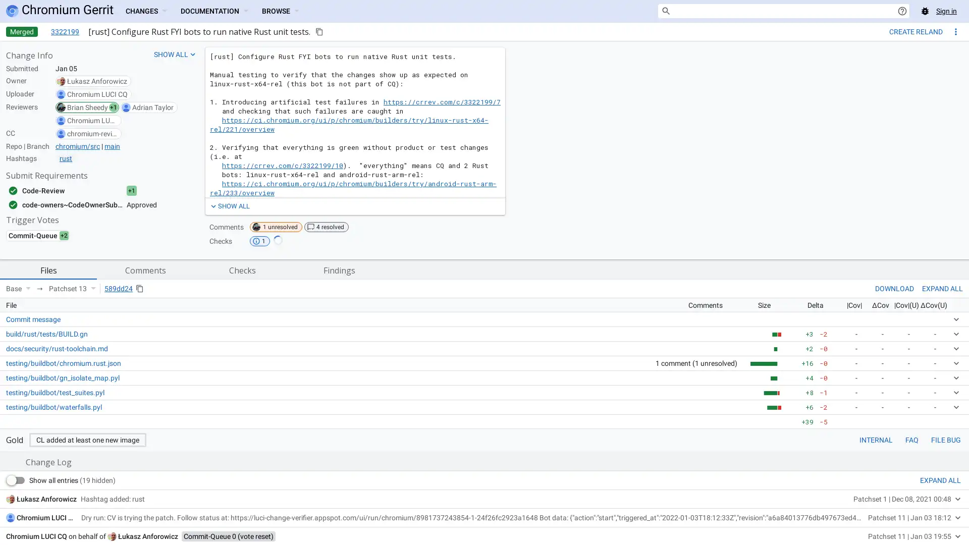 This screenshot has width=969, height=545. What do you see at coordinates (916, 31) in the screenshot?
I see `CREATE RELAND` at bounding box center [916, 31].